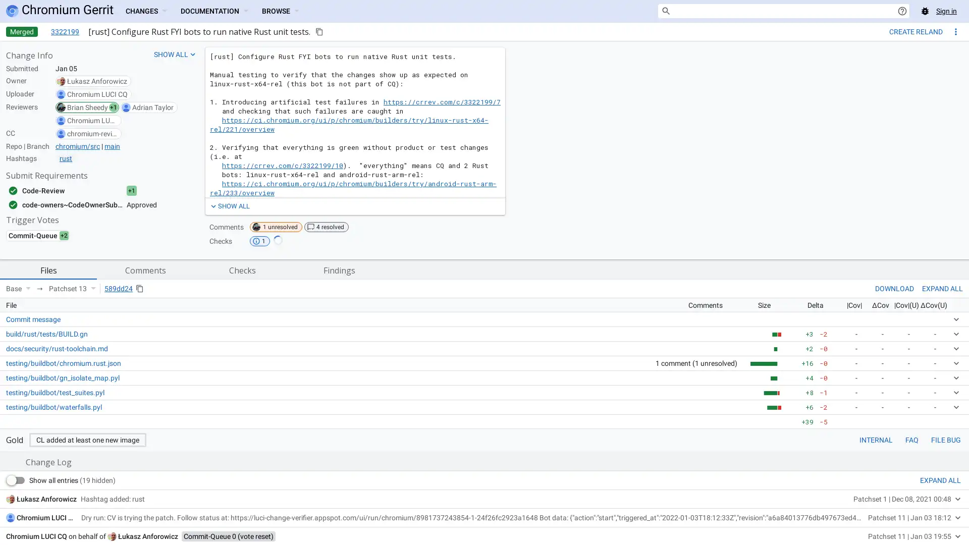 This screenshot has width=969, height=545. What do you see at coordinates (916, 31) in the screenshot?
I see `CREATE RELAND` at bounding box center [916, 31].